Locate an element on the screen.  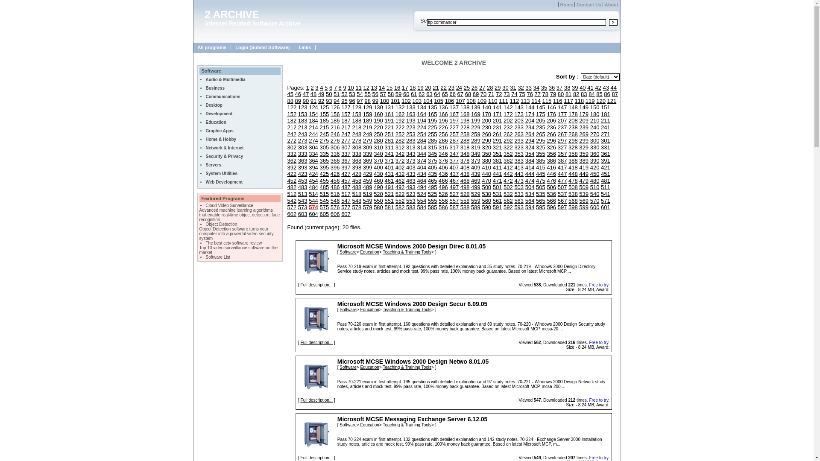
'197' is located at coordinates (453, 120).